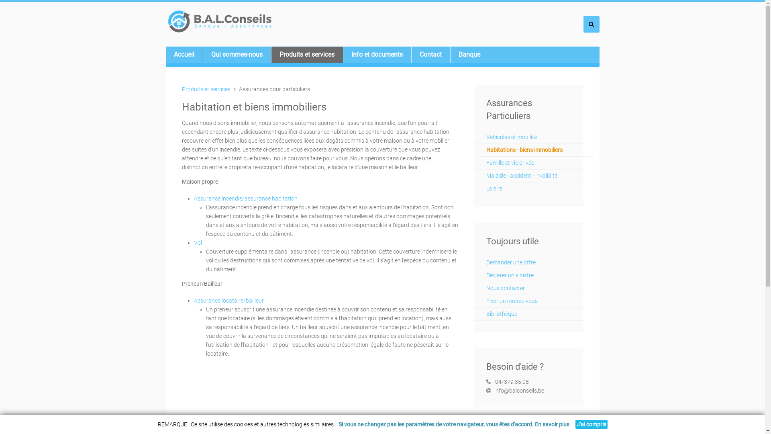 The image size is (771, 434). Describe the element at coordinates (449, 54) in the screenshot. I see `'Banque'` at that location.